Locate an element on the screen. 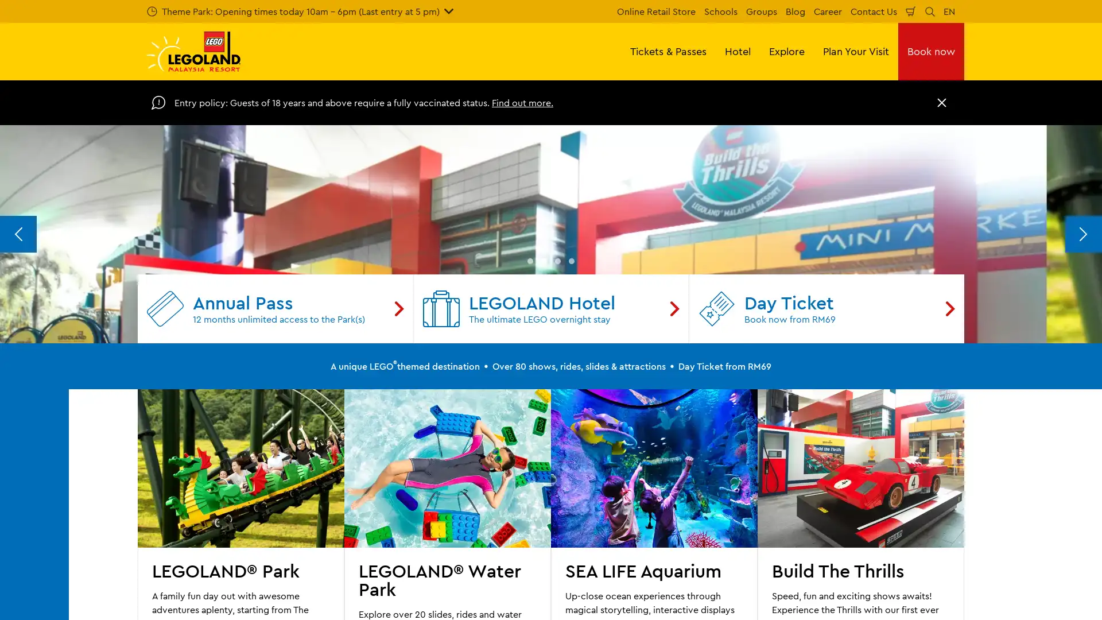 The image size is (1102, 620). Go to slide 3 is located at coordinates (557, 489).